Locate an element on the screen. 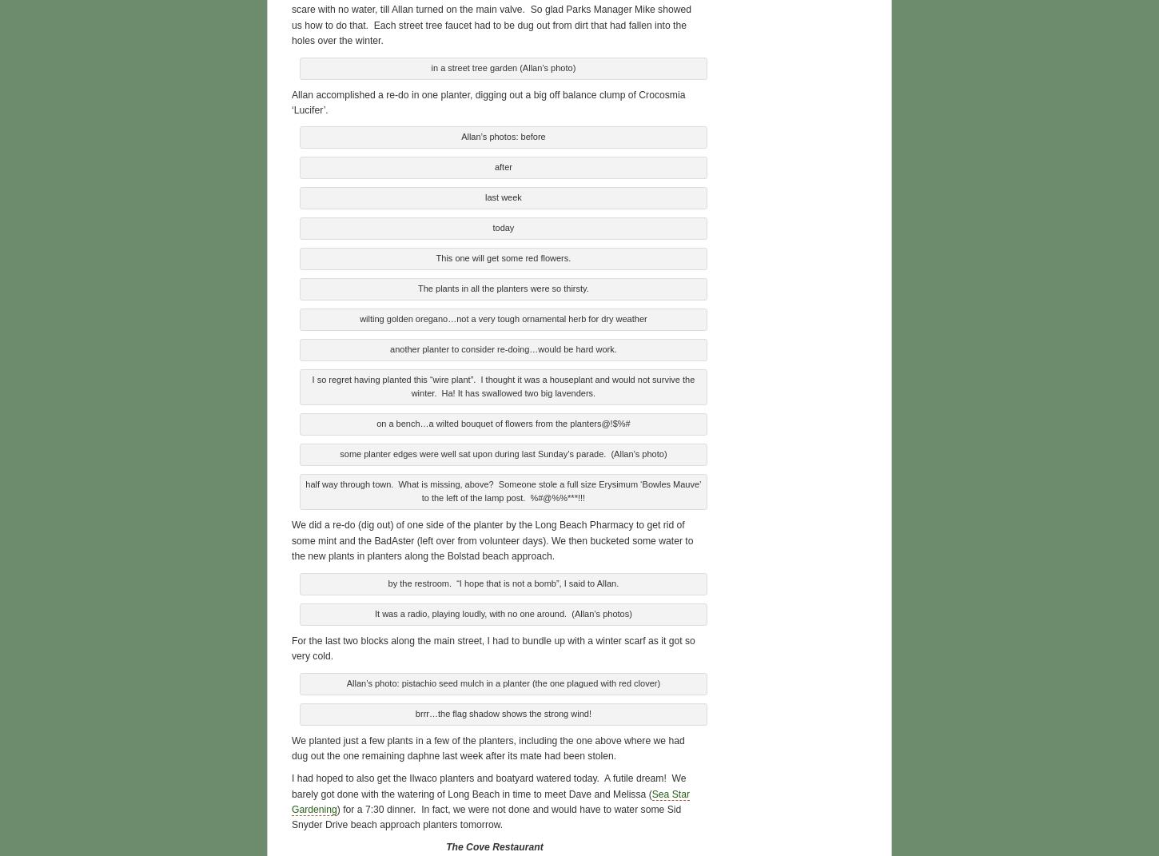  'For the last two blocks along the main street, I had to bundle up with a winter scarf as it got so very cold.' is located at coordinates (492, 646).